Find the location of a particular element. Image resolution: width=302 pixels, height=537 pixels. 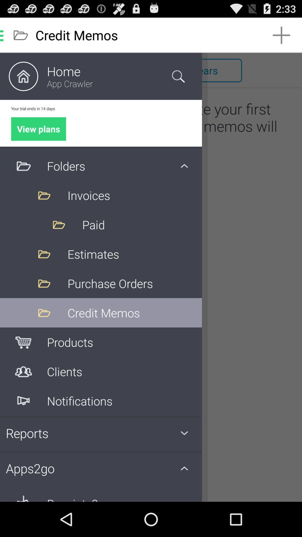

the home icon is located at coordinates (23, 81).